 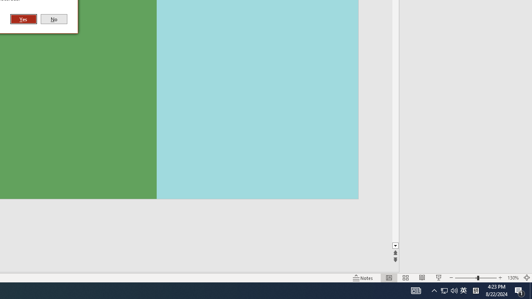 What do you see at coordinates (512, 278) in the screenshot?
I see `'Zoom 130%'` at bounding box center [512, 278].